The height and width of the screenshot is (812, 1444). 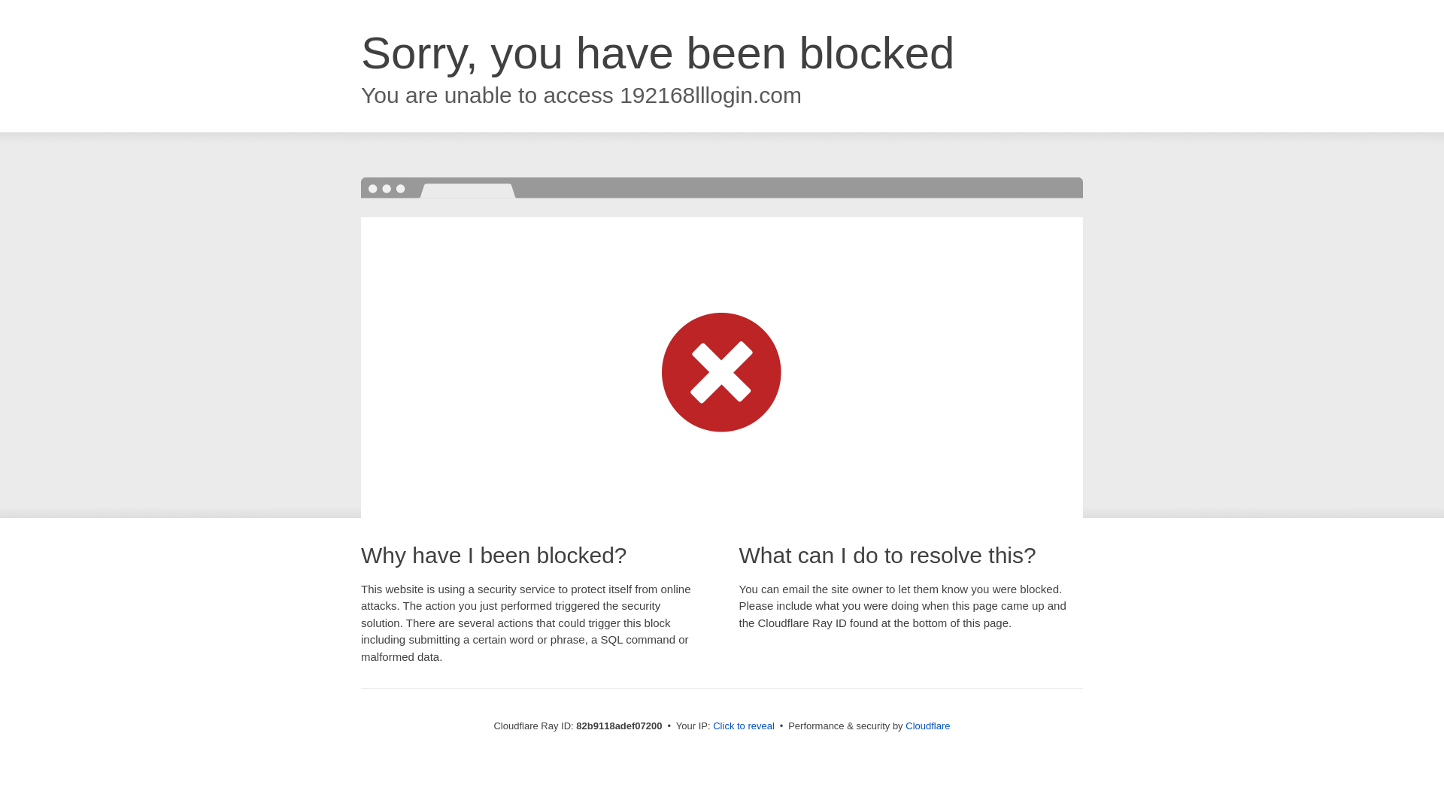 What do you see at coordinates (743, 725) in the screenshot?
I see `'Click to reveal'` at bounding box center [743, 725].